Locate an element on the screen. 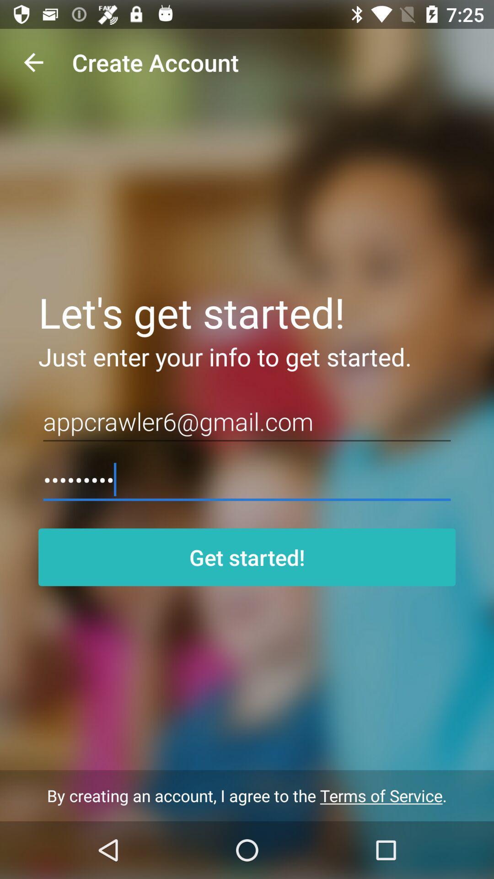 Image resolution: width=494 pixels, height=879 pixels. icon next to the create account icon is located at coordinates (33, 62).